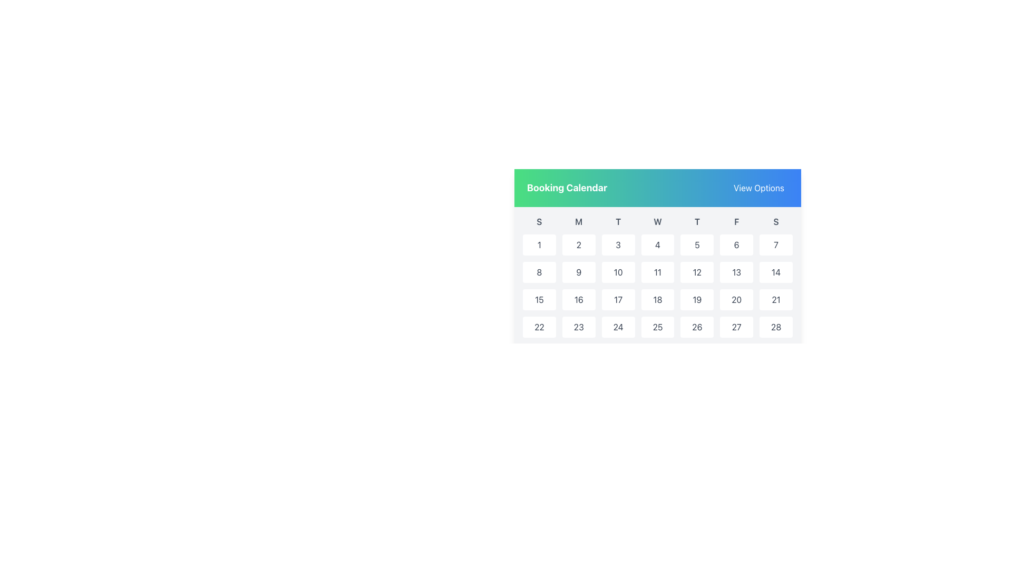  What do you see at coordinates (539, 271) in the screenshot?
I see `the calendar date cell representing the 8th day` at bounding box center [539, 271].